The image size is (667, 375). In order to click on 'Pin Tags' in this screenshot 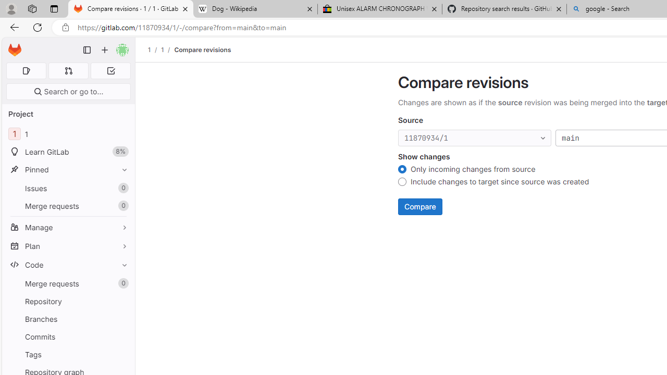, I will do `click(122, 354)`.